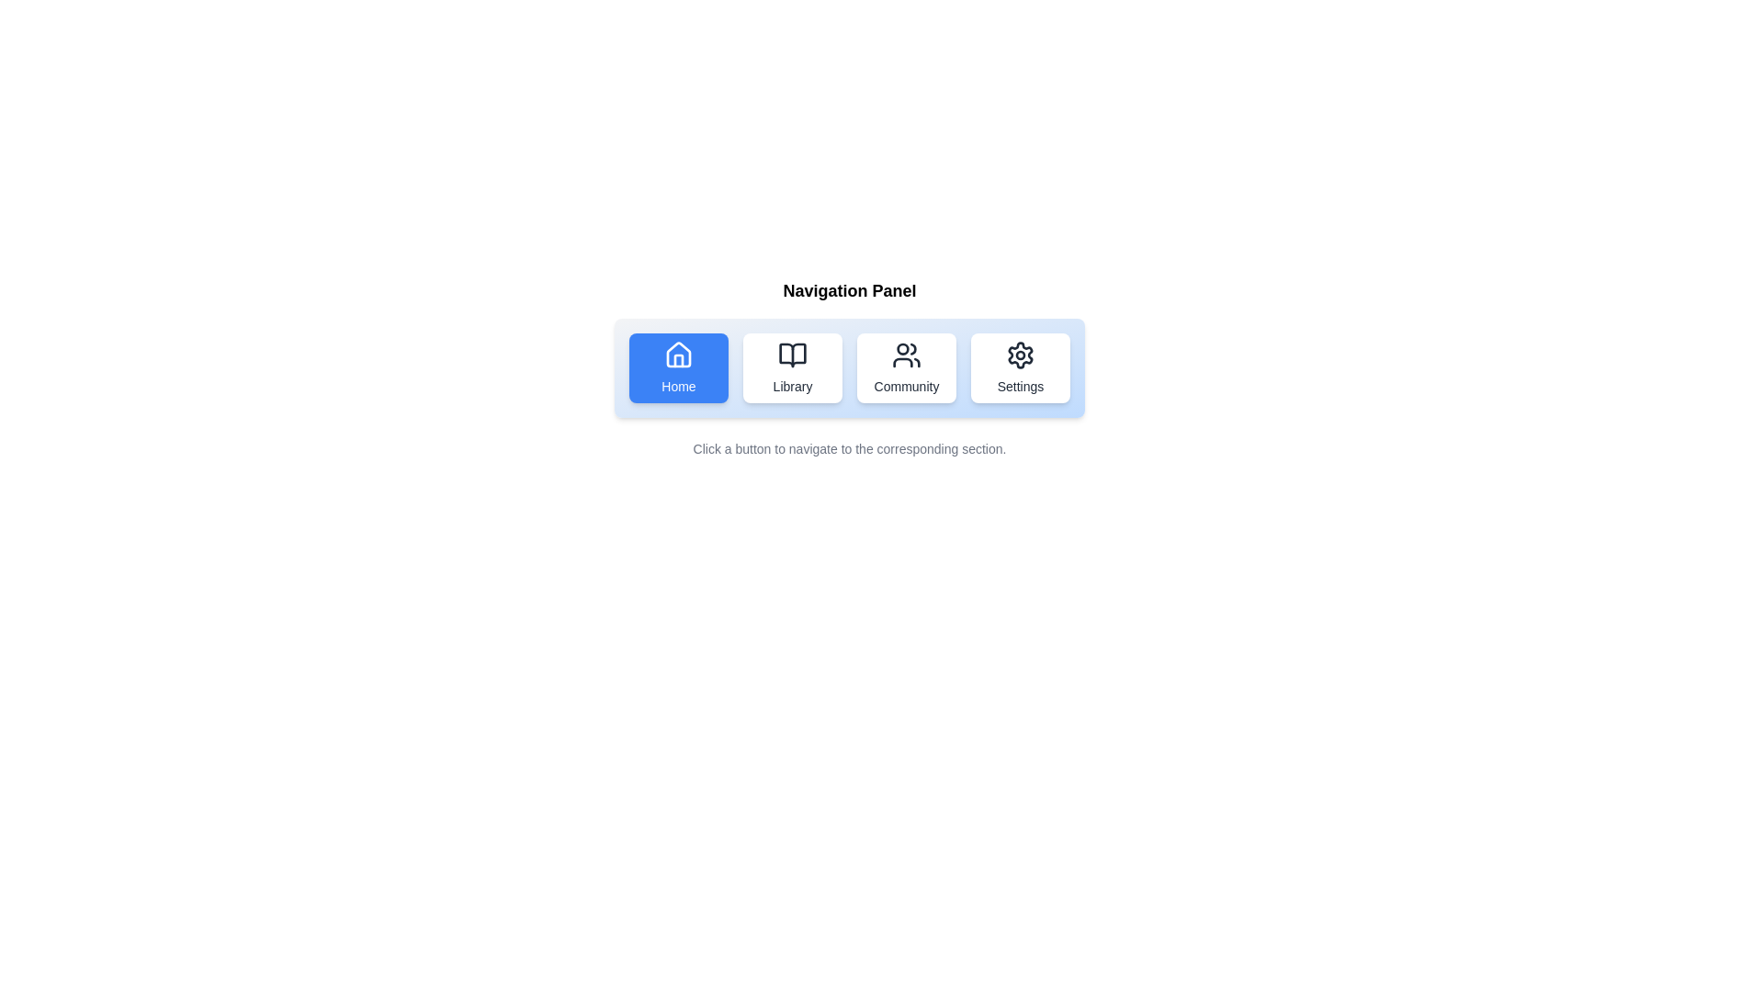 The height and width of the screenshot is (992, 1764). Describe the element at coordinates (793, 385) in the screenshot. I see `the text label reading 'Library' located below the open book icon in the navigation panel` at that location.